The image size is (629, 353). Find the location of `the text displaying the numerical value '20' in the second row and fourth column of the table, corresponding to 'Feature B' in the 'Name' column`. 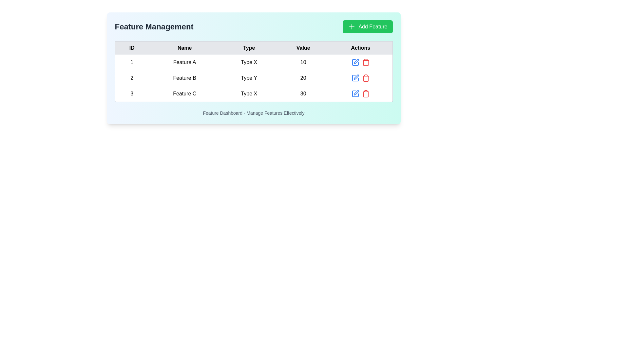

the text displaying the numerical value '20' in the second row and fourth column of the table, corresponding to 'Feature B' in the 'Name' column is located at coordinates (303, 78).